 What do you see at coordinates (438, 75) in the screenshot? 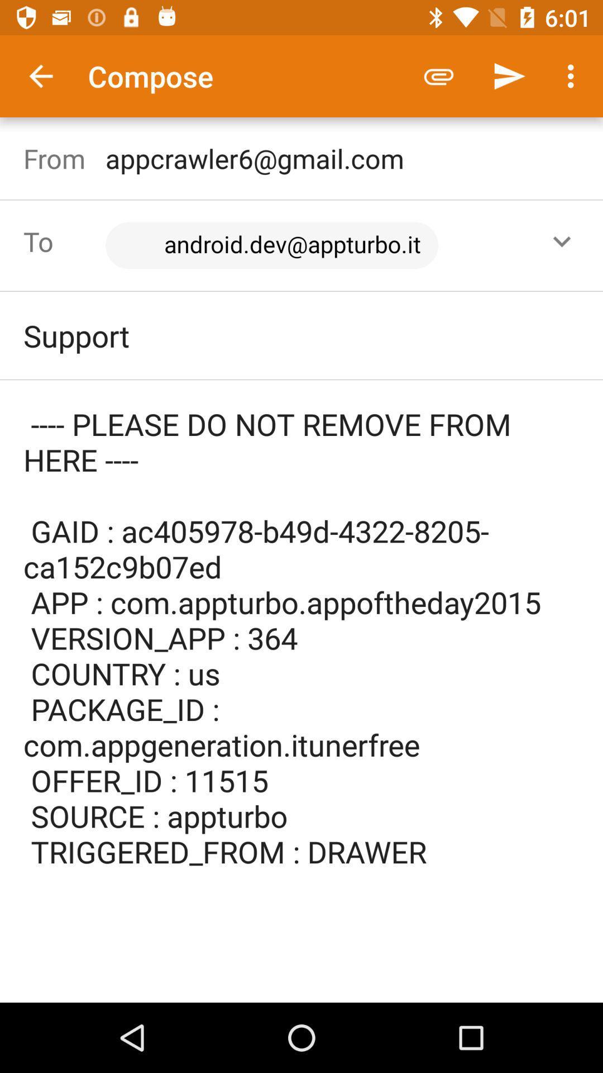
I see `the icon next to compose item` at bounding box center [438, 75].